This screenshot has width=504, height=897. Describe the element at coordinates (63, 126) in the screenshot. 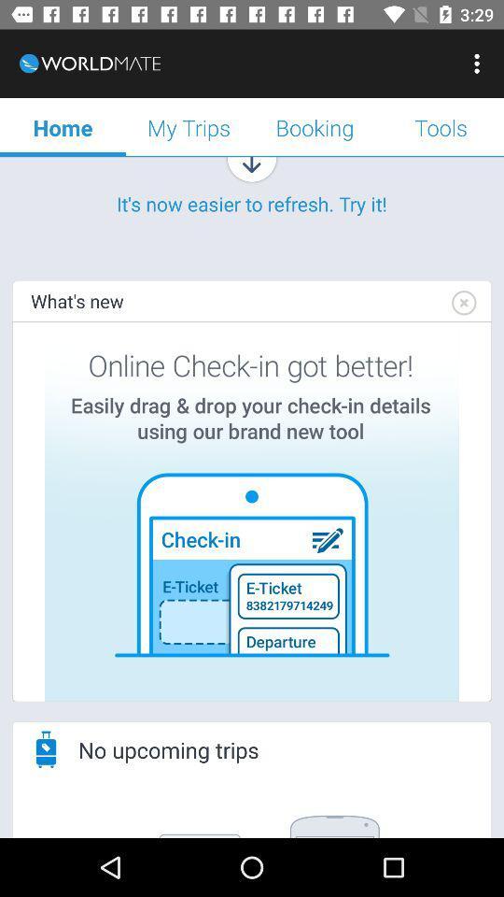

I see `the home app` at that location.